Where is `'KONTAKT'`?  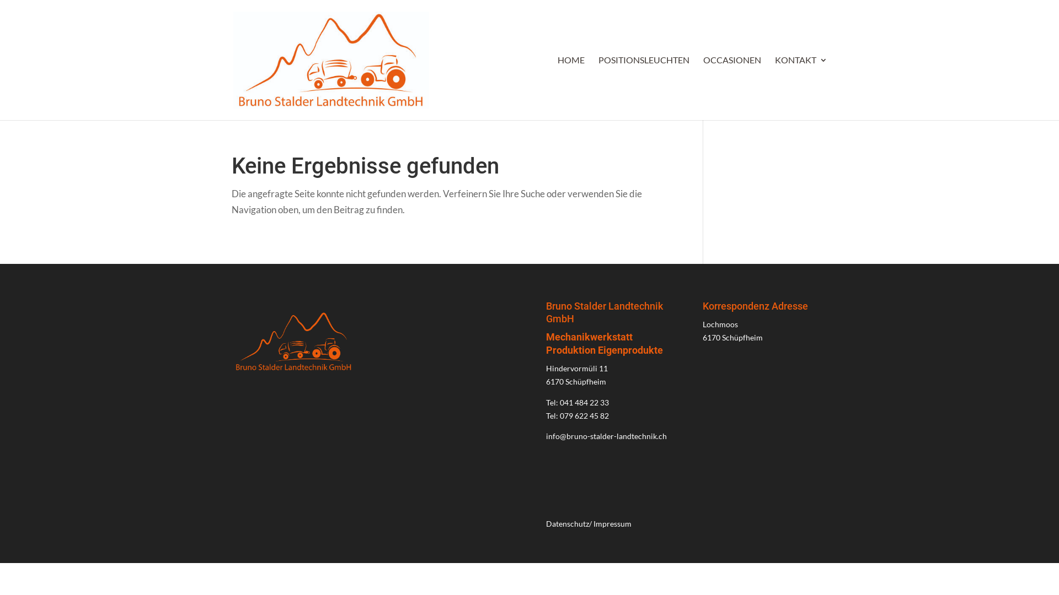
'KONTAKT' is located at coordinates (801, 87).